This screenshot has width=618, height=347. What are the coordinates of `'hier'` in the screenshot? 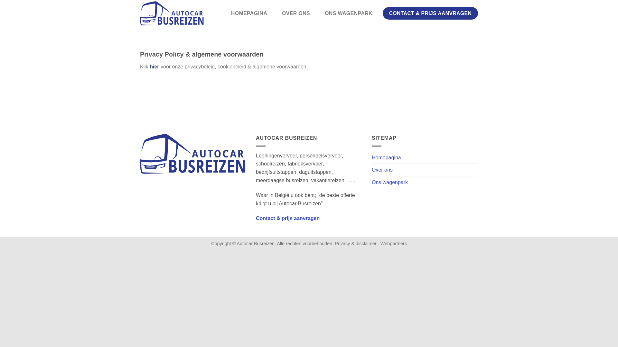 It's located at (154, 67).